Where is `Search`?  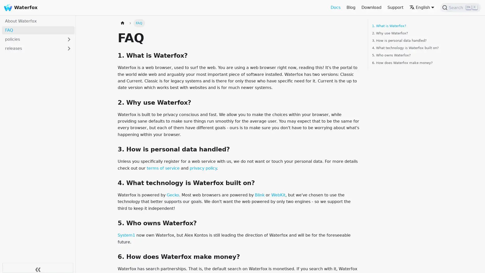 Search is located at coordinates (460, 8).